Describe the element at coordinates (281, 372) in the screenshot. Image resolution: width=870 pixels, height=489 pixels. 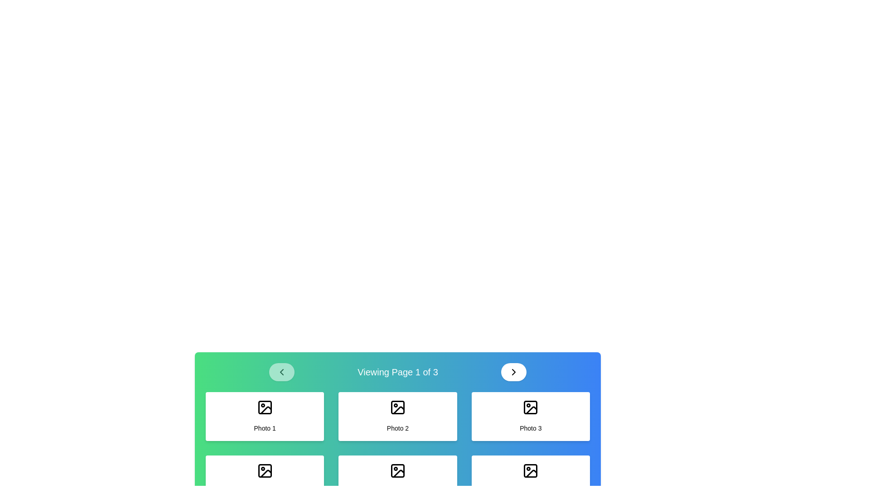
I see `the Chevron Left icon located inside the circular button on the left side of the navigation bar` at that location.